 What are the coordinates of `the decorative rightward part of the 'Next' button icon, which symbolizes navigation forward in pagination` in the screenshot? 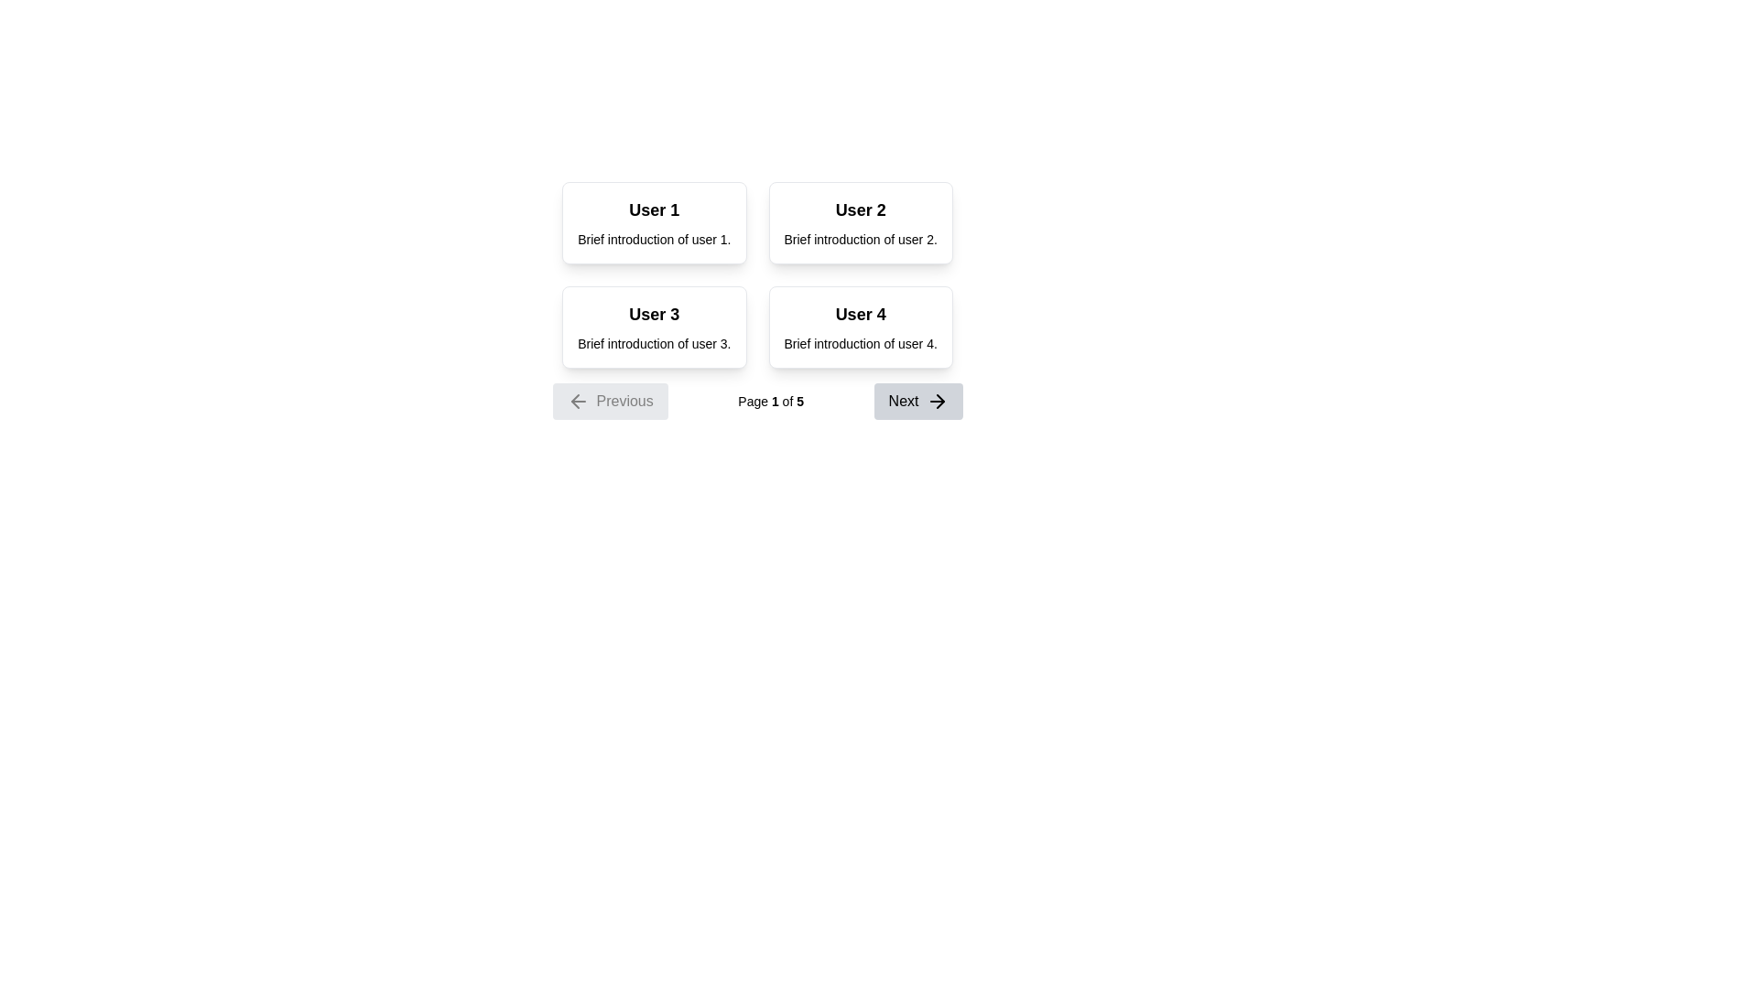 It's located at (940, 401).